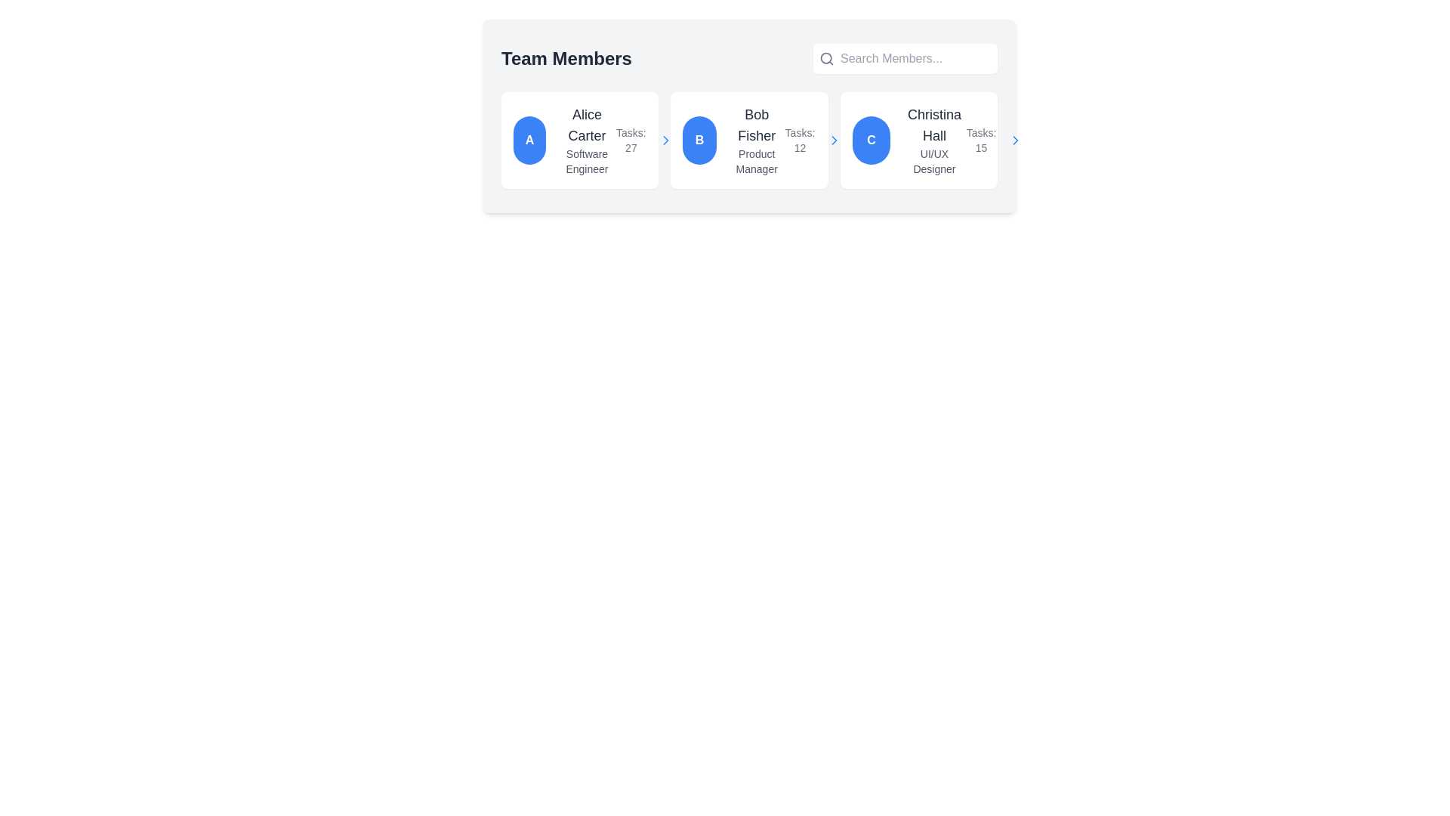  Describe the element at coordinates (631, 140) in the screenshot. I see `the text label displaying the total number of tasks associated with the user Alice Carter, located to the right of the profile icon in the first user card` at that location.